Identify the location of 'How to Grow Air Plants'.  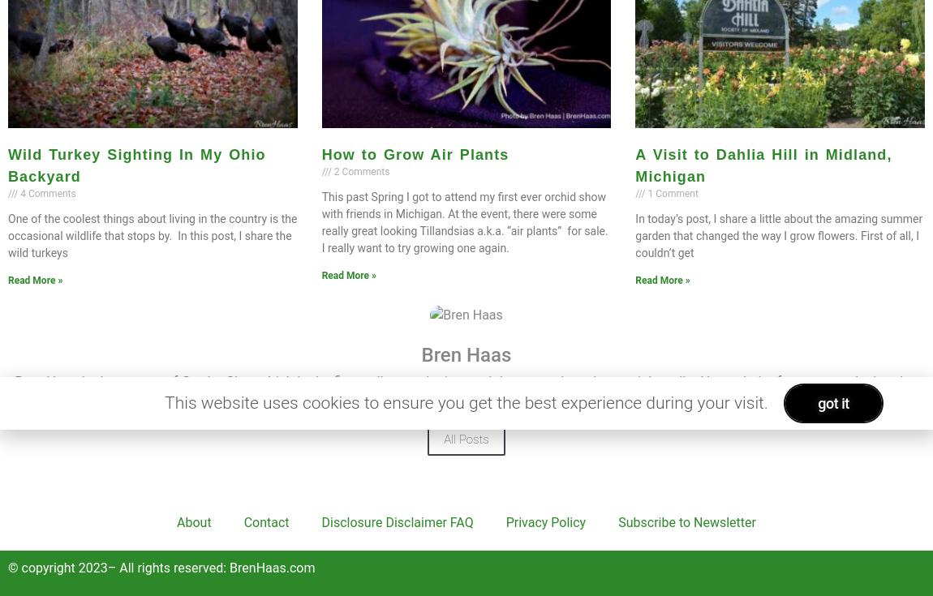
(415, 153).